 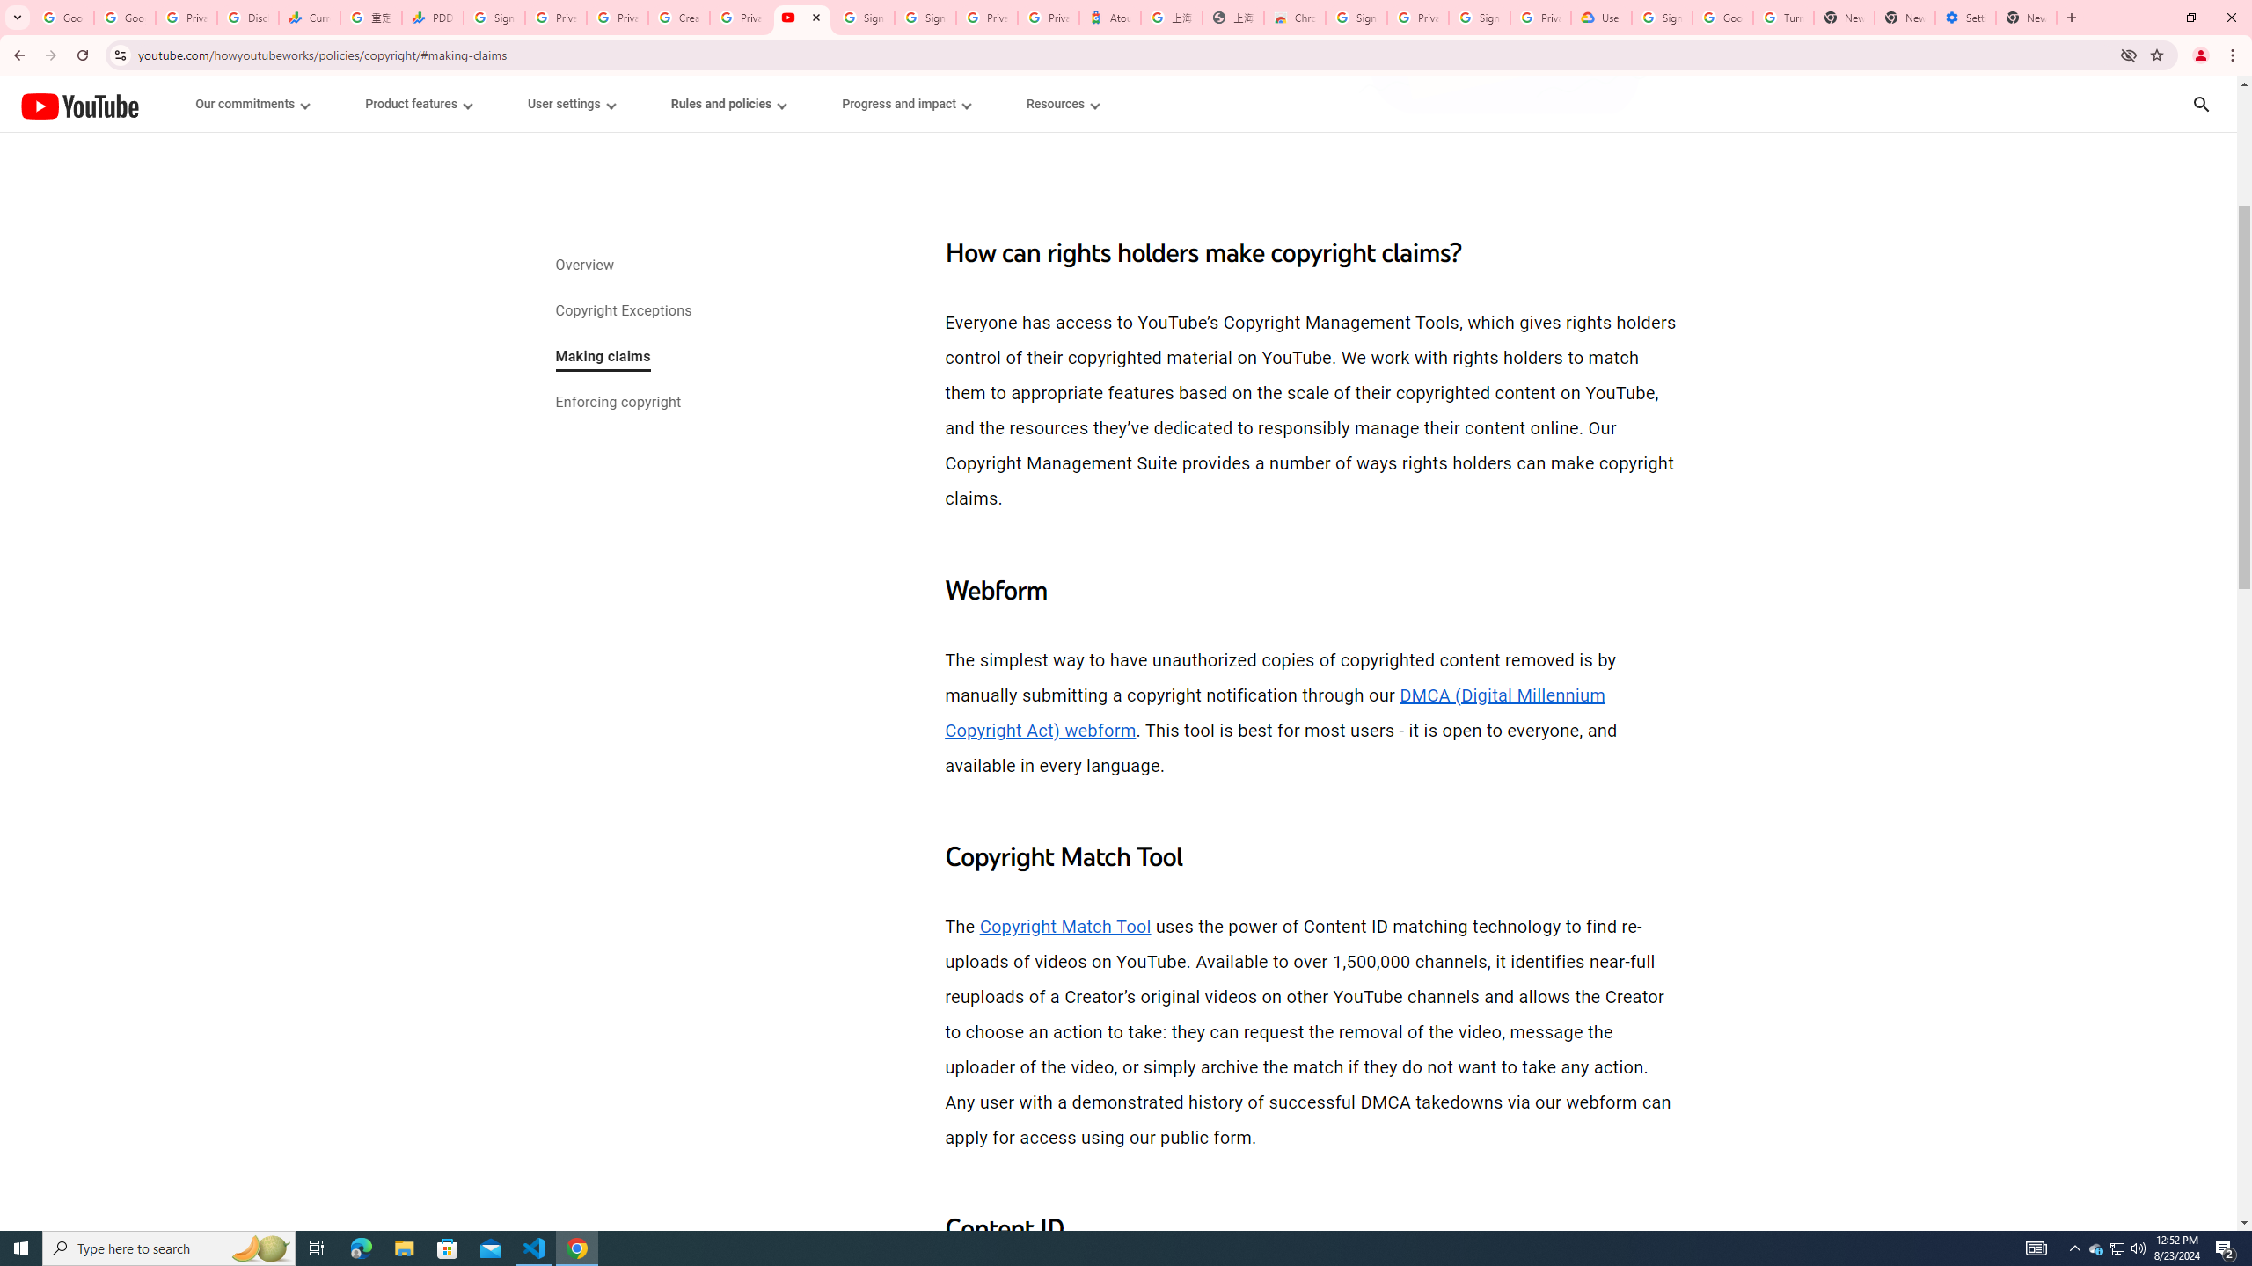 What do you see at coordinates (2026, 17) in the screenshot?
I see `'New Tab'` at bounding box center [2026, 17].